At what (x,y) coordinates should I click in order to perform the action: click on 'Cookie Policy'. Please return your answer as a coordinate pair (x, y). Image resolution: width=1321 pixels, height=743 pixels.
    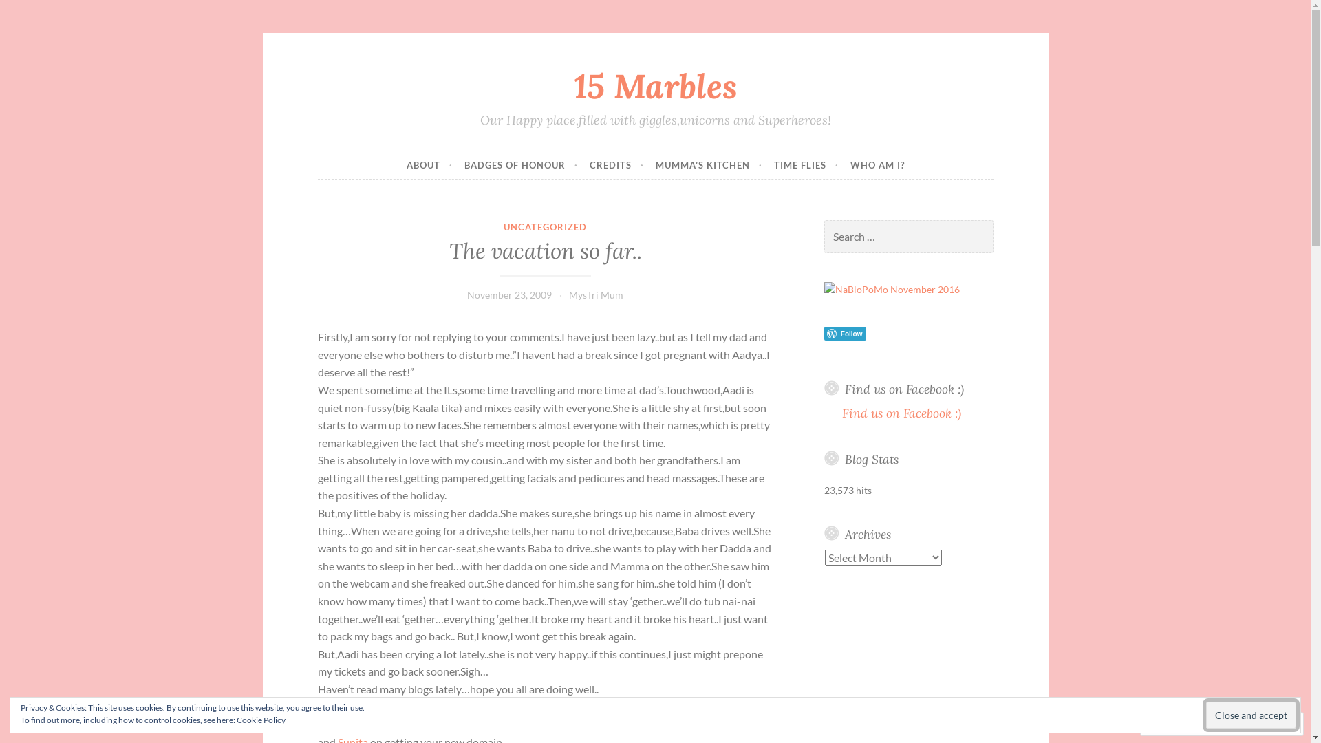
    Looking at the image, I should click on (261, 719).